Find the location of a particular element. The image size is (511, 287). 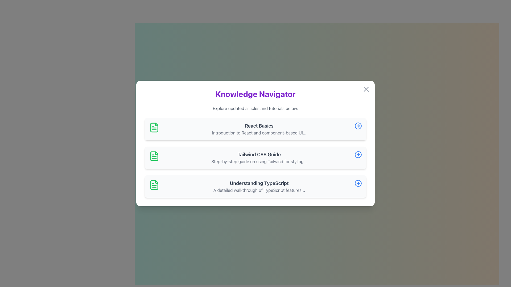

the Arrow Icon, which is a rightward pointing triangular arrowhead within a circular frame is located at coordinates (359, 155).